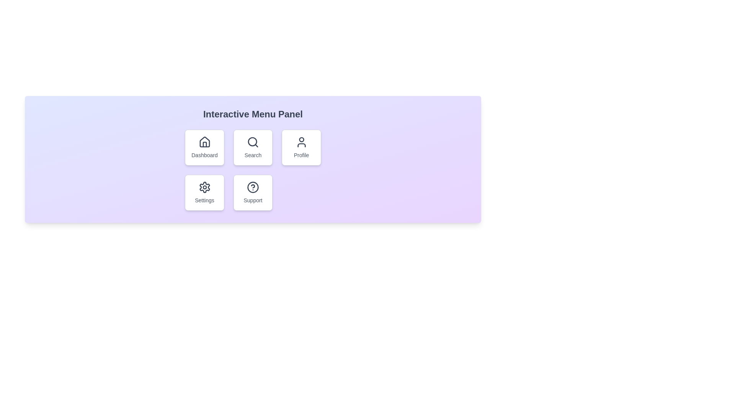 The width and height of the screenshot is (735, 413). Describe the element at coordinates (204, 142) in the screenshot. I see `the house icon within the 'Dashboard' card, which is the top-left card in a 3x2 grid layout` at that location.